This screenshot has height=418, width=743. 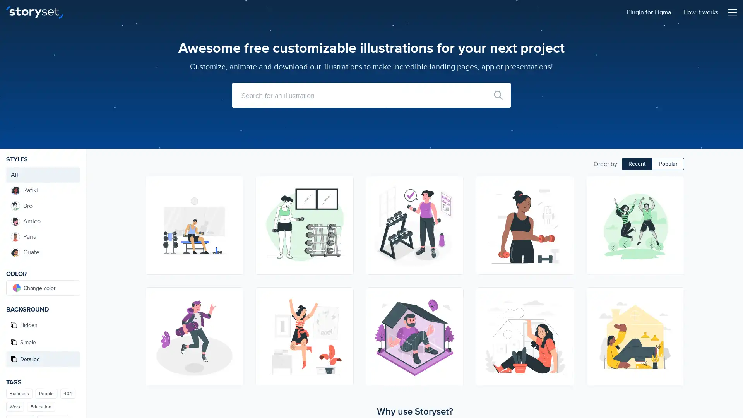 I want to click on download icon Download, so click(x=454, y=310).